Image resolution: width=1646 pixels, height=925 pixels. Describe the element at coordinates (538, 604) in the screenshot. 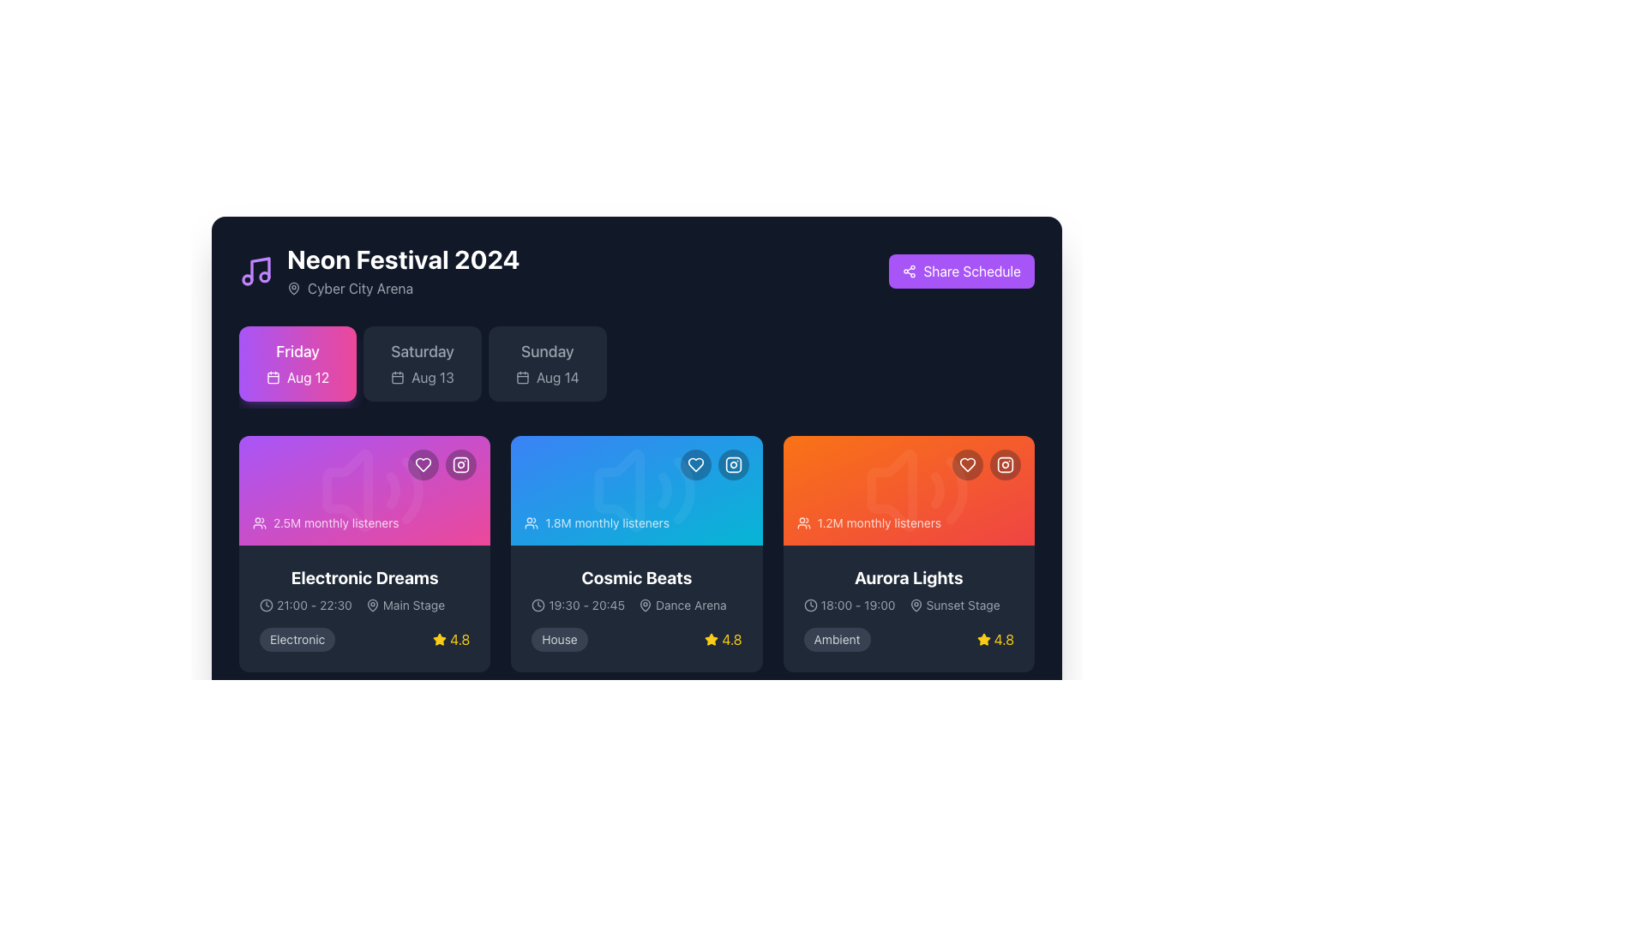

I see `the clock icon located within the 'Cosmic Beats' schedule card, which features a circular outline and hands resembling those of a traditional analog clock` at that location.